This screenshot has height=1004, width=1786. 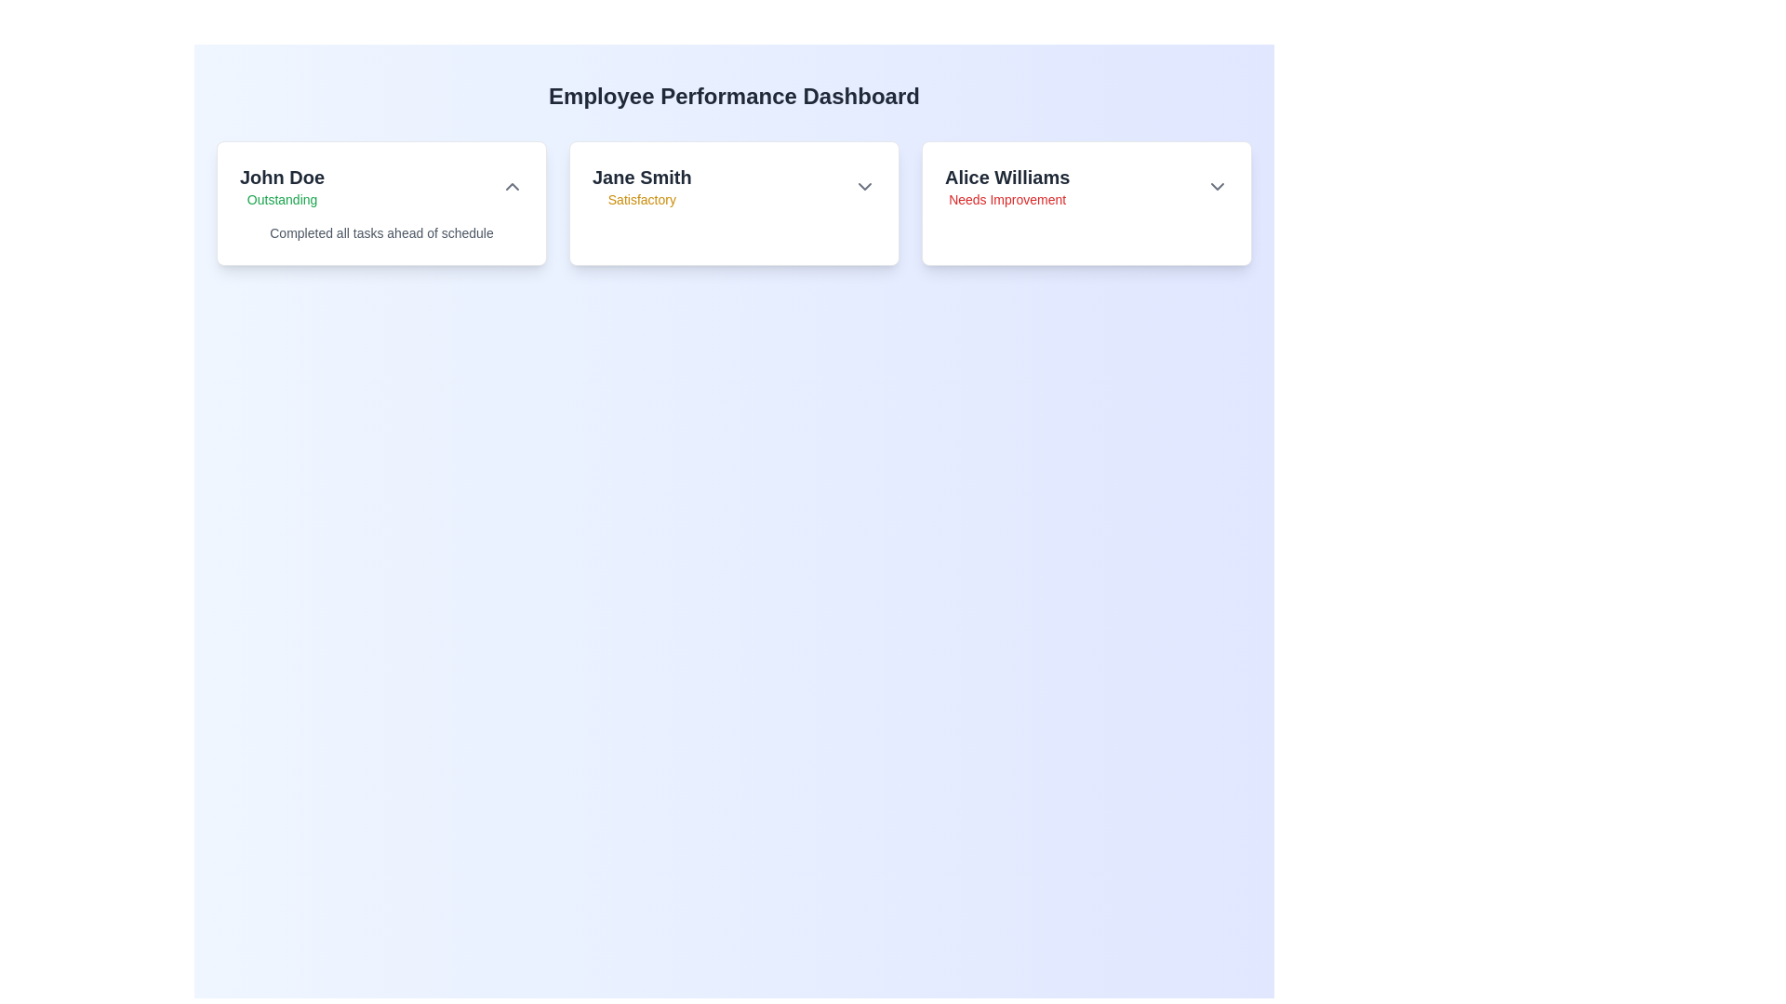 What do you see at coordinates (1006, 186) in the screenshot?
I see `the Text Display element that shows 'Alice Williams' and 'Needs Improvement' in the top-right area of the third card` at bounding box center [1006, 186].